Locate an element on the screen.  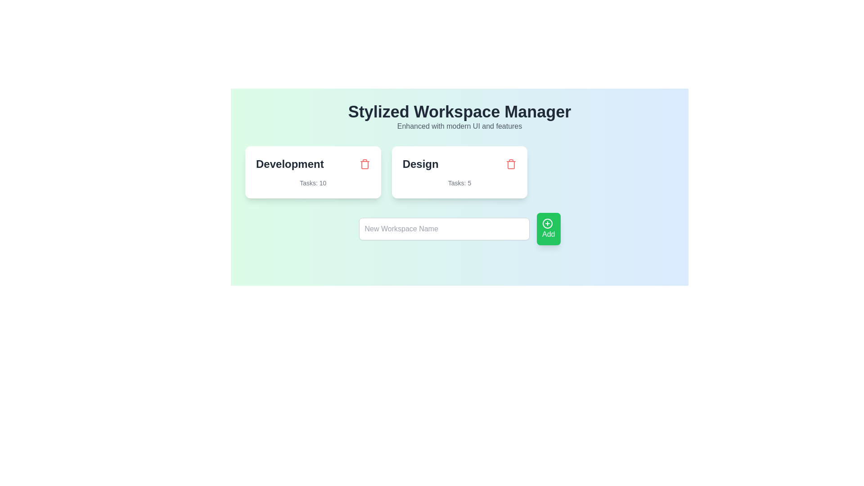
the green rectangular button labeled 'Add' with a '+' icon, located to the right of the input field for keyboard input is located at coordinates (548, 229).